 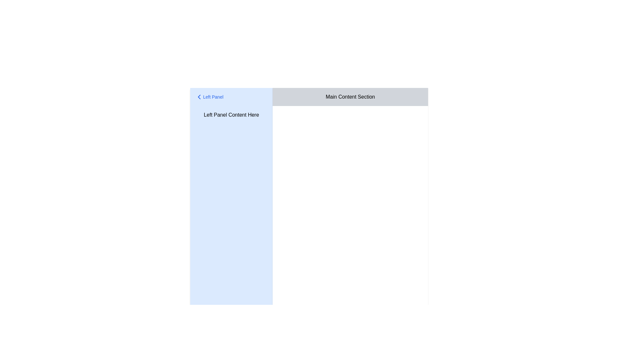 What do you see at coordinates (199, 97) in the screenshot?
I see `the leftward chevron icon with a minimalistic blue line design located next to the 'Left Panel' label` at bounding box center [199, 97].